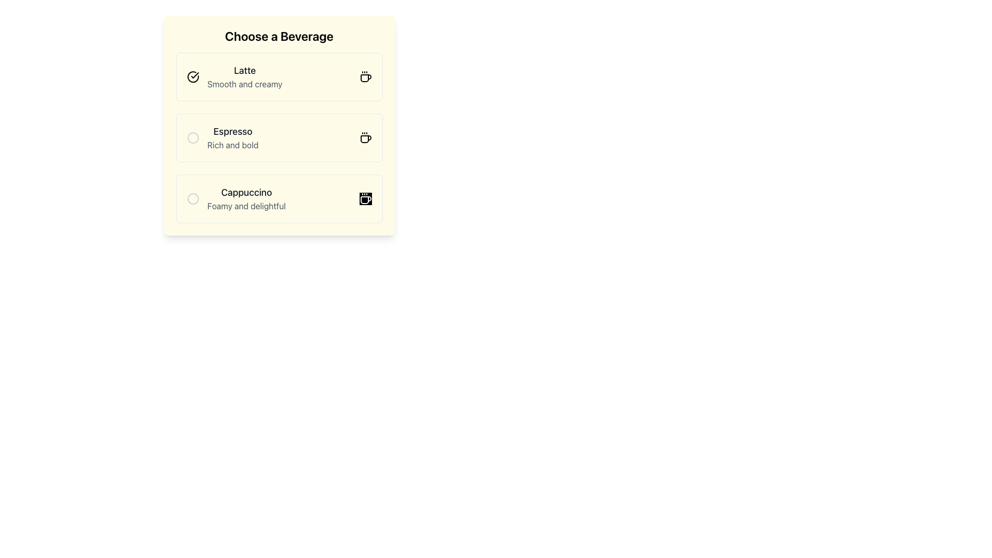 This screenshot has width=992, height=558. I want to click on the 'Cappuccino' icon, which is located at the rightmost side of the list item describing 'Cappuccino', aligned horizontally with the text 'Cappuccino' and 'Foamy and delightful', so click(365, 199).